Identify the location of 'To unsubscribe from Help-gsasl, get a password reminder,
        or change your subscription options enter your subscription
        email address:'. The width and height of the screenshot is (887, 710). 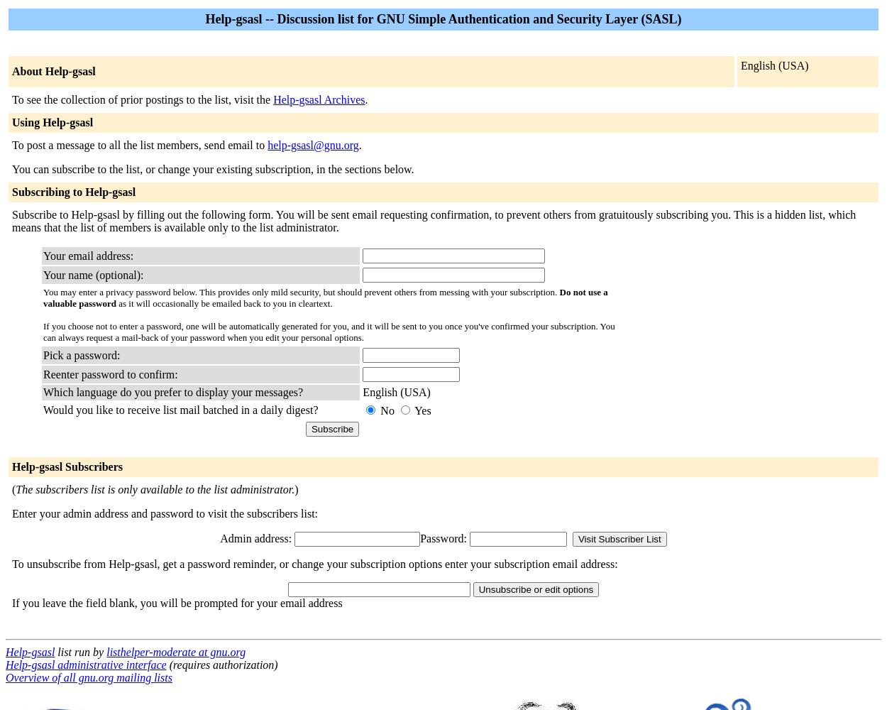
(314, 564).